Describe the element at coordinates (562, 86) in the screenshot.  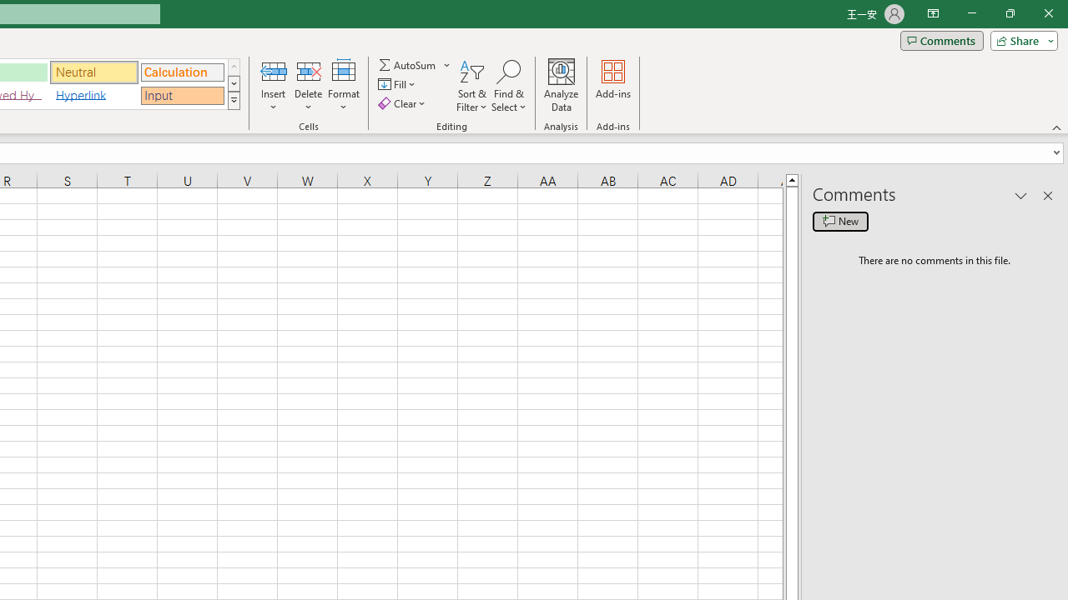
I see `'Analyze Data'` at that location.